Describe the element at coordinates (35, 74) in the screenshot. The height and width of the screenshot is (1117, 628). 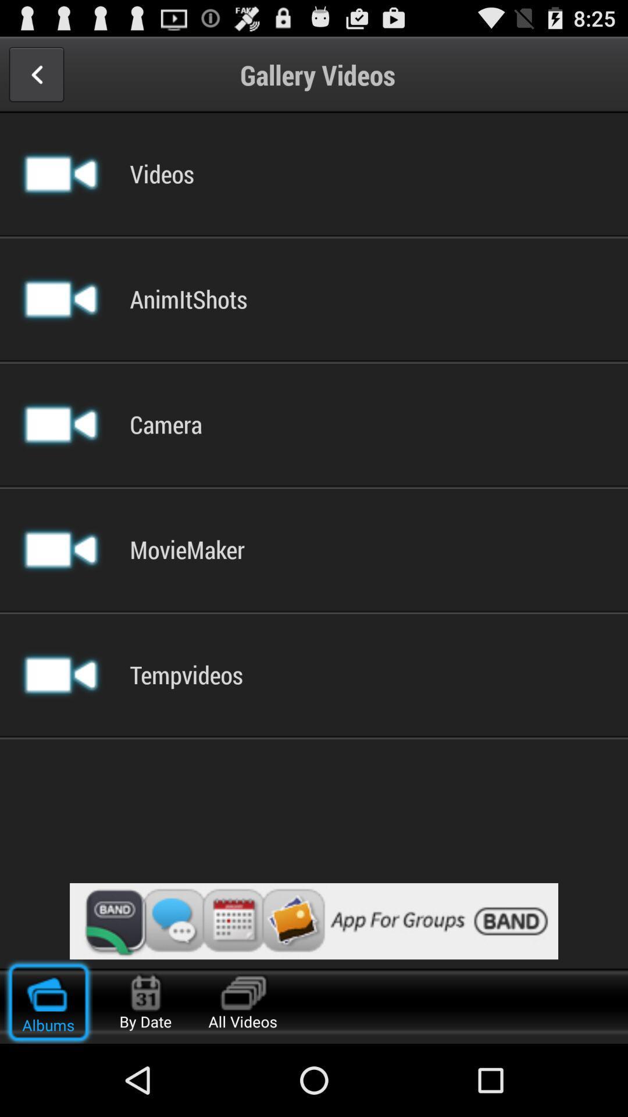
I see `go back` at that location.